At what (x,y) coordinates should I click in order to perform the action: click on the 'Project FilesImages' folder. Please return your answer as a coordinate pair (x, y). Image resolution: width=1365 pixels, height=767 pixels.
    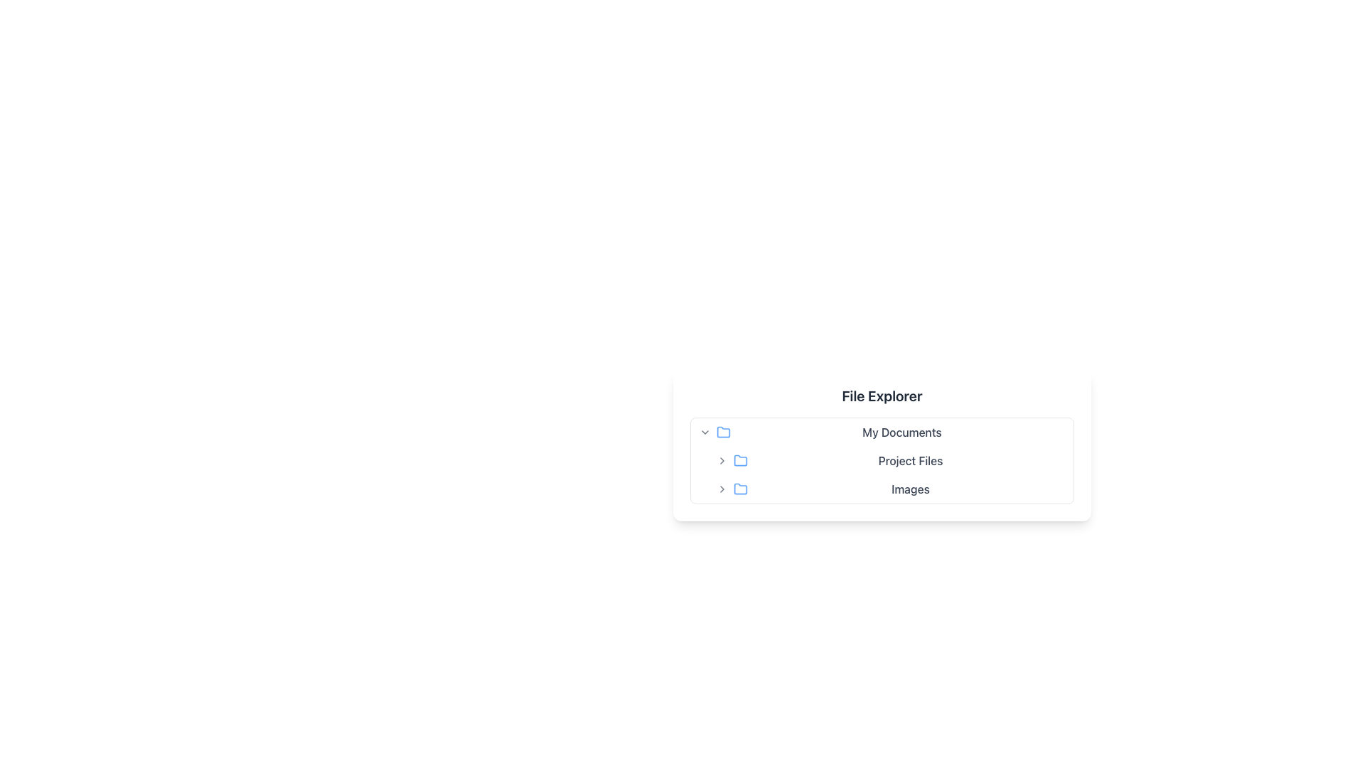
    Looking at the image, I should click on (889, 474).